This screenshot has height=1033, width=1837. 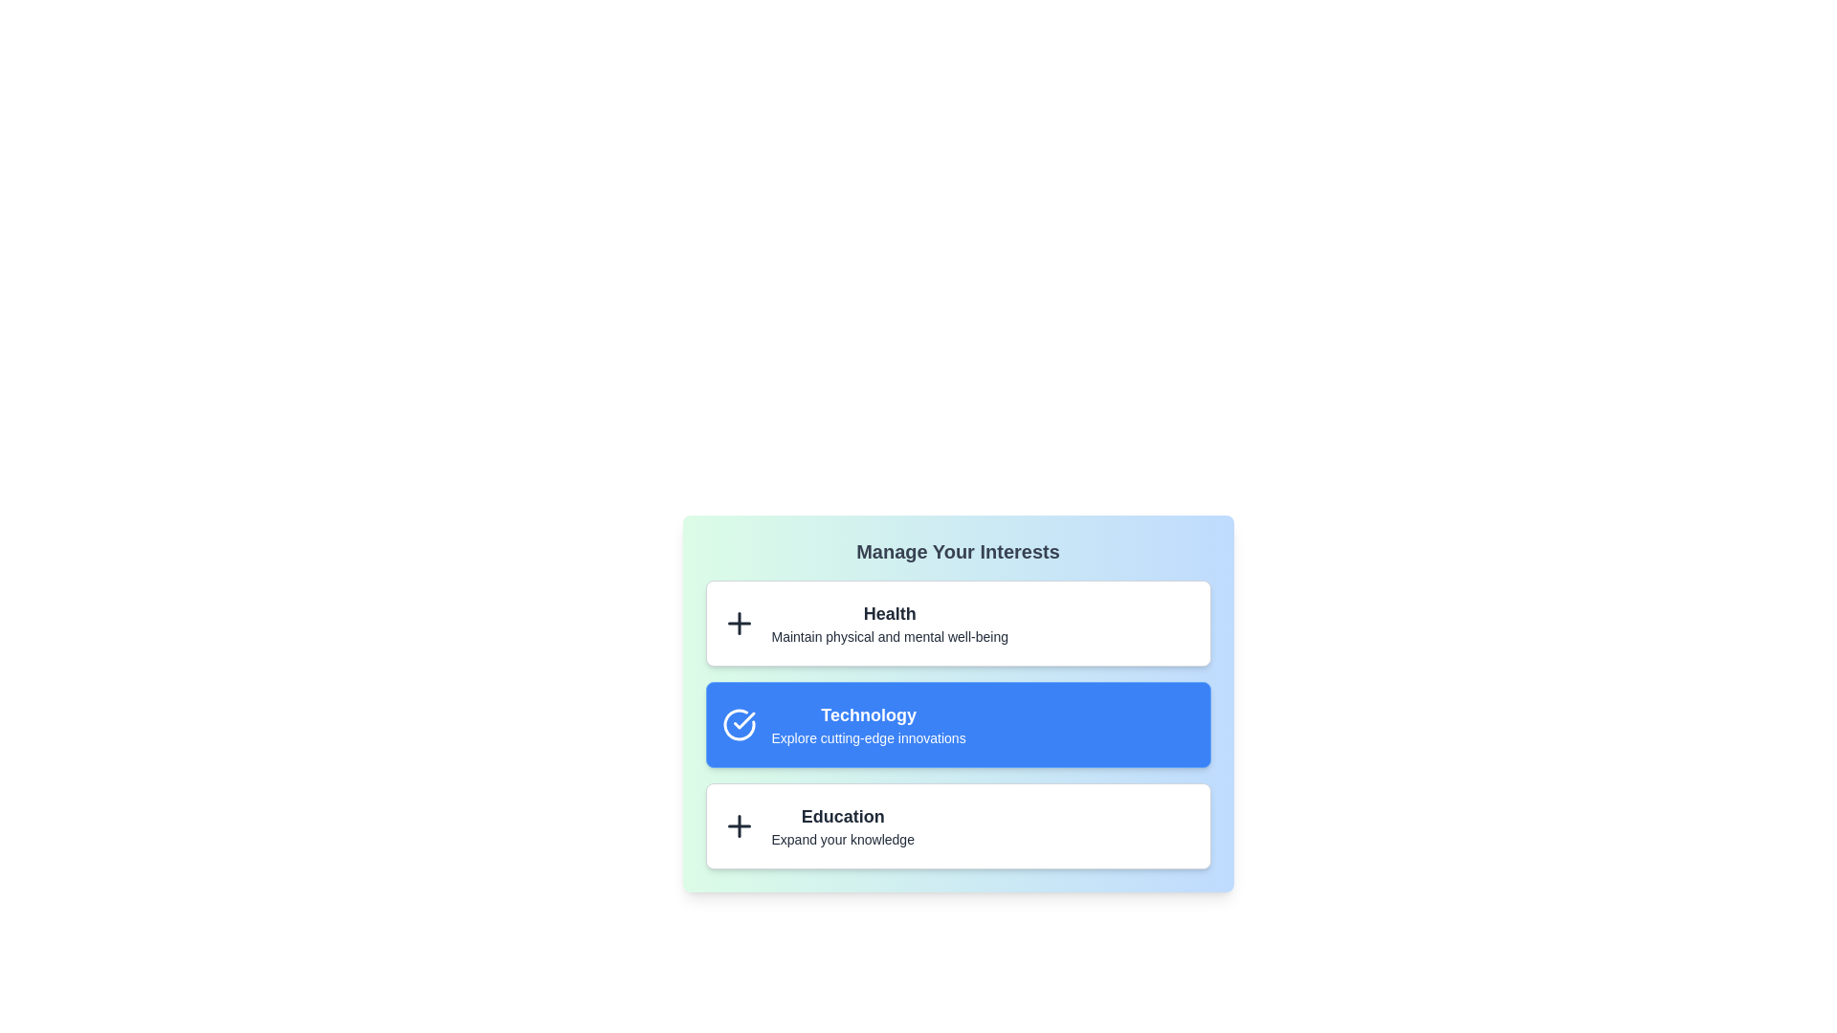 I want to click on the inactive item corresponding to Education to activate it, so click(x=738, y=825).